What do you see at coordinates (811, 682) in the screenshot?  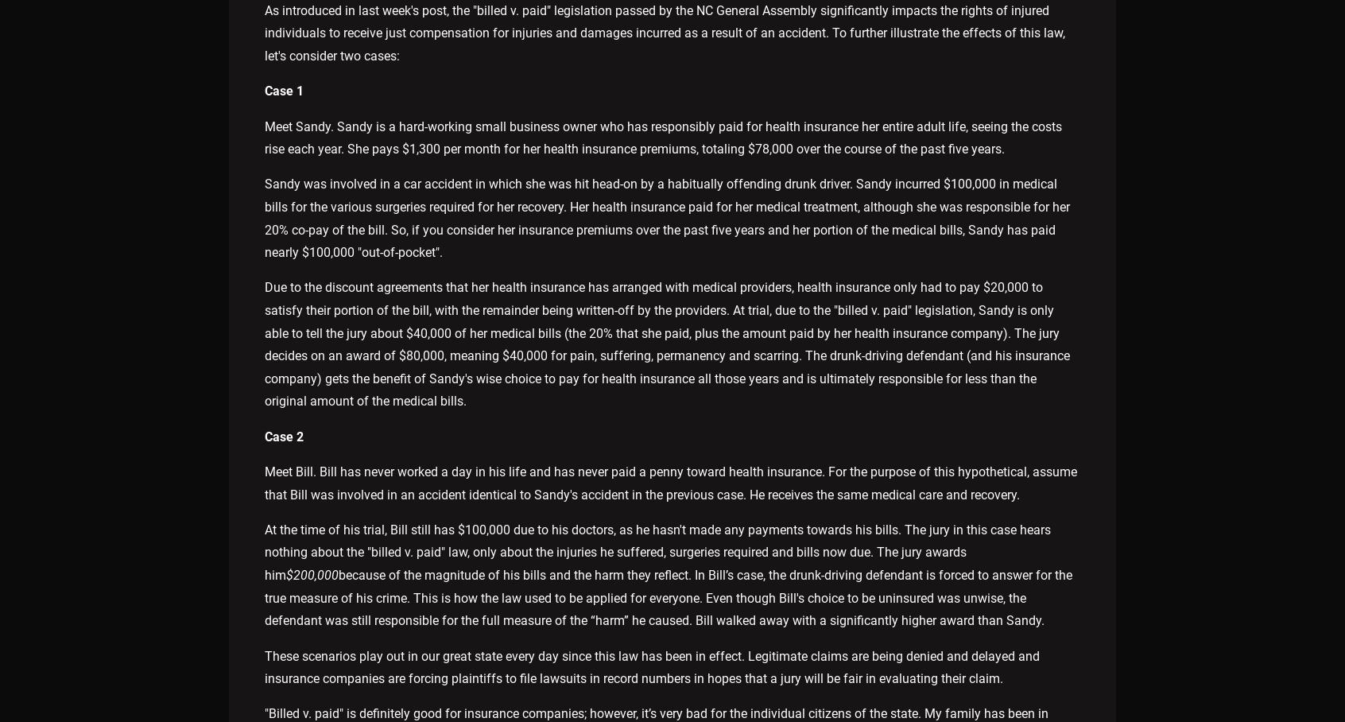 I see `'Privacy Policy'` at bounding box center [811, 682].